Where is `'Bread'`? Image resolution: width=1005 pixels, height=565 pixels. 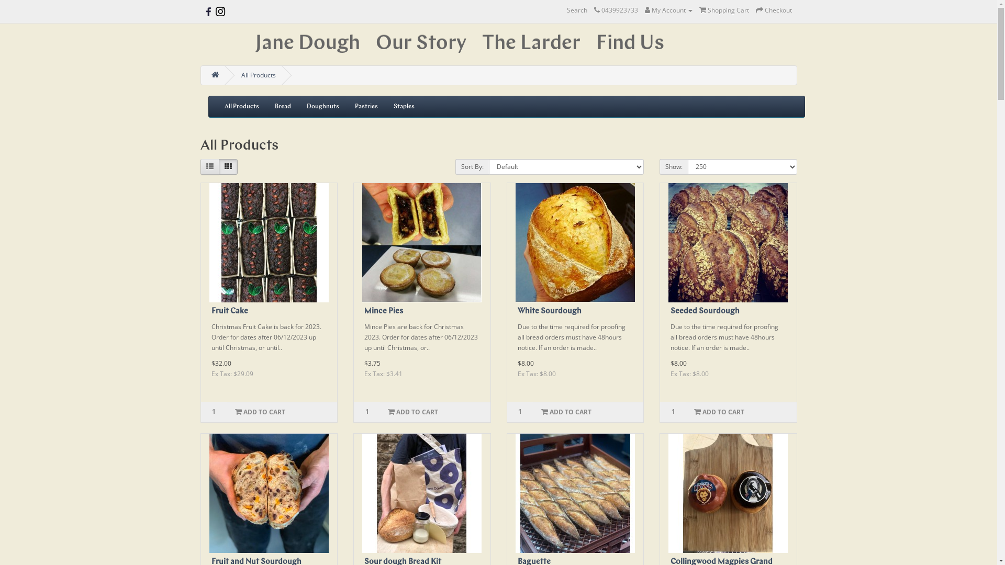 'Bread' is located at coordinates (283, 107).